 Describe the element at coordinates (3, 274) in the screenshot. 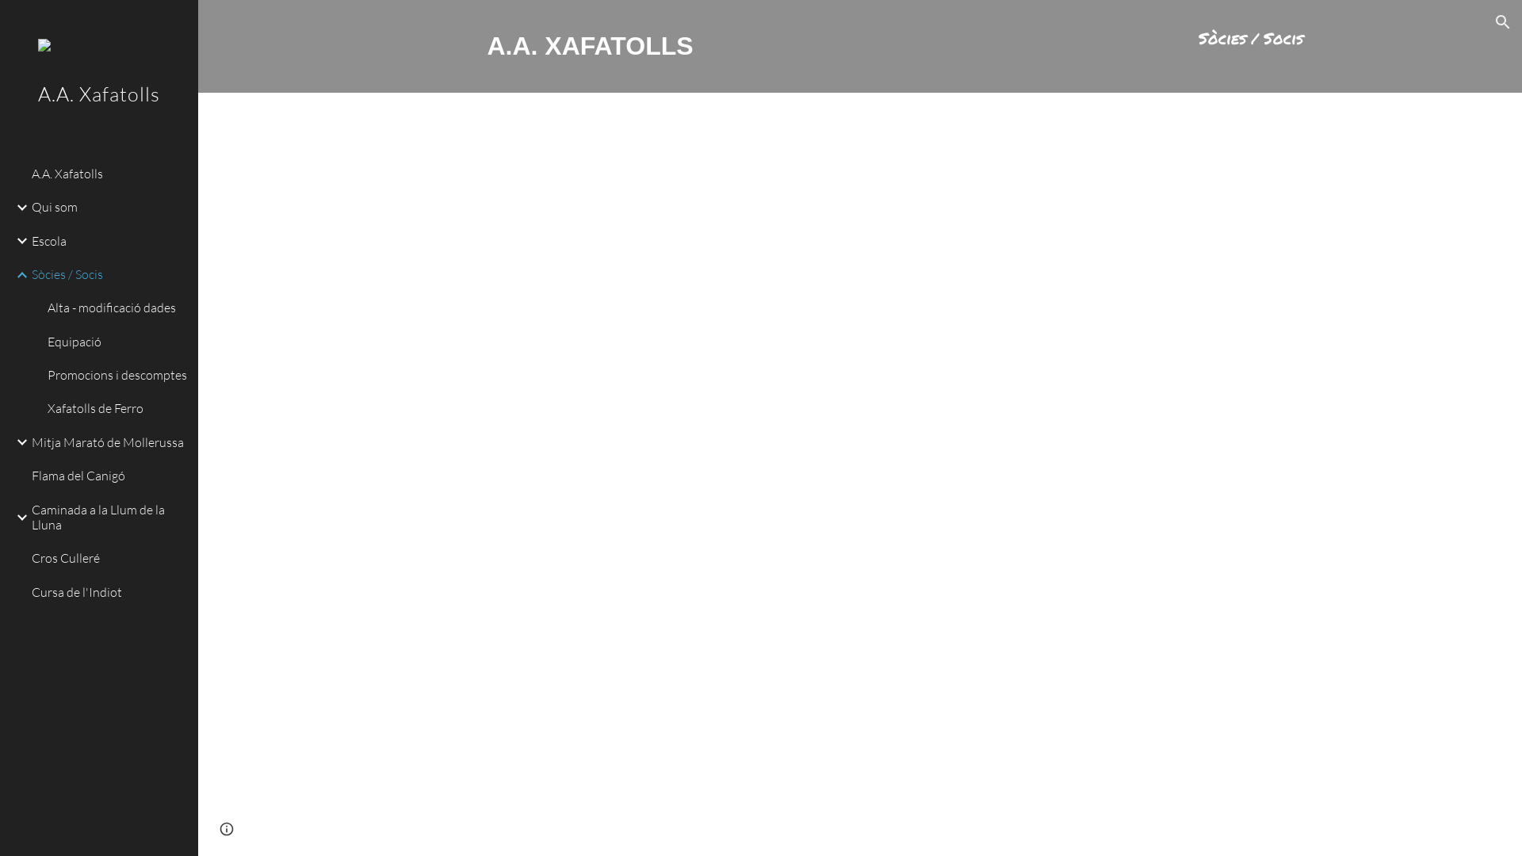

I see `'Expand/Collapse'` at that location.